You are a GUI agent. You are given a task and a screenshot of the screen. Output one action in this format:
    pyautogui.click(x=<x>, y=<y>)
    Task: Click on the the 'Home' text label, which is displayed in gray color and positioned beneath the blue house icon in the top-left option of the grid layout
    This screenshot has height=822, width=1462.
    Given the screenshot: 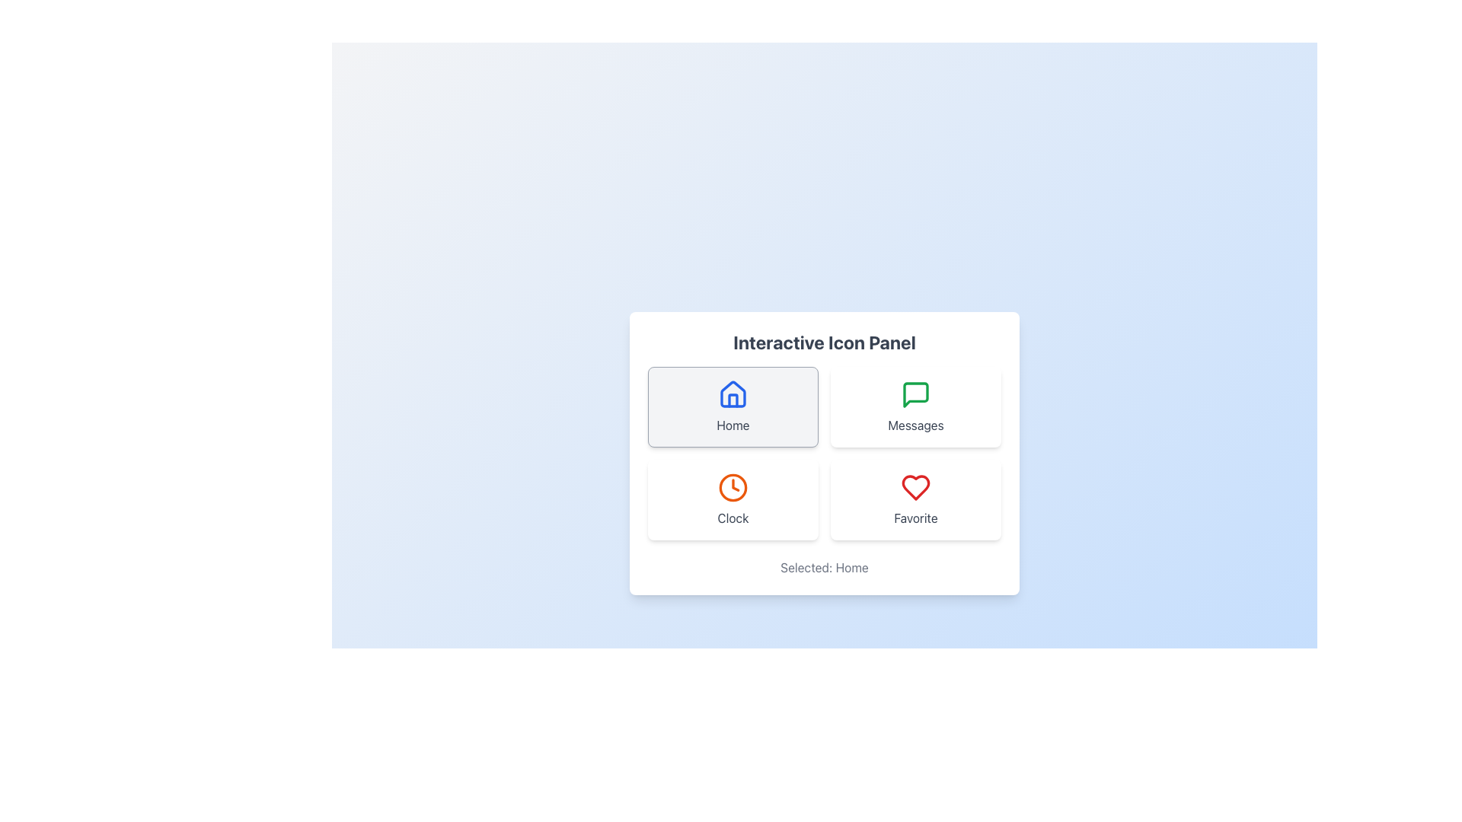 What is the action you would take?
    pyautogui.click(x=733, y=425)
    